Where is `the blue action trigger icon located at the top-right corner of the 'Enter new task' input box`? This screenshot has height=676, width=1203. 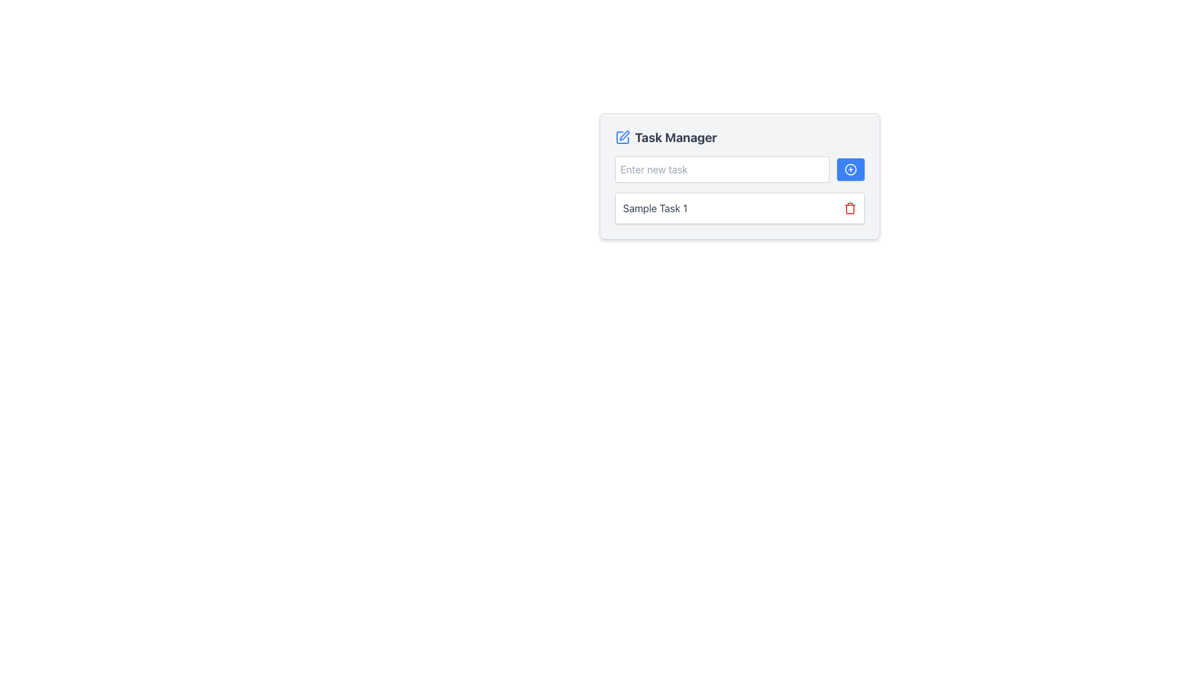 the blue action trigger icon located at the top-right corner of the 'Enter new task' input box is located at coordinates (850, 169).